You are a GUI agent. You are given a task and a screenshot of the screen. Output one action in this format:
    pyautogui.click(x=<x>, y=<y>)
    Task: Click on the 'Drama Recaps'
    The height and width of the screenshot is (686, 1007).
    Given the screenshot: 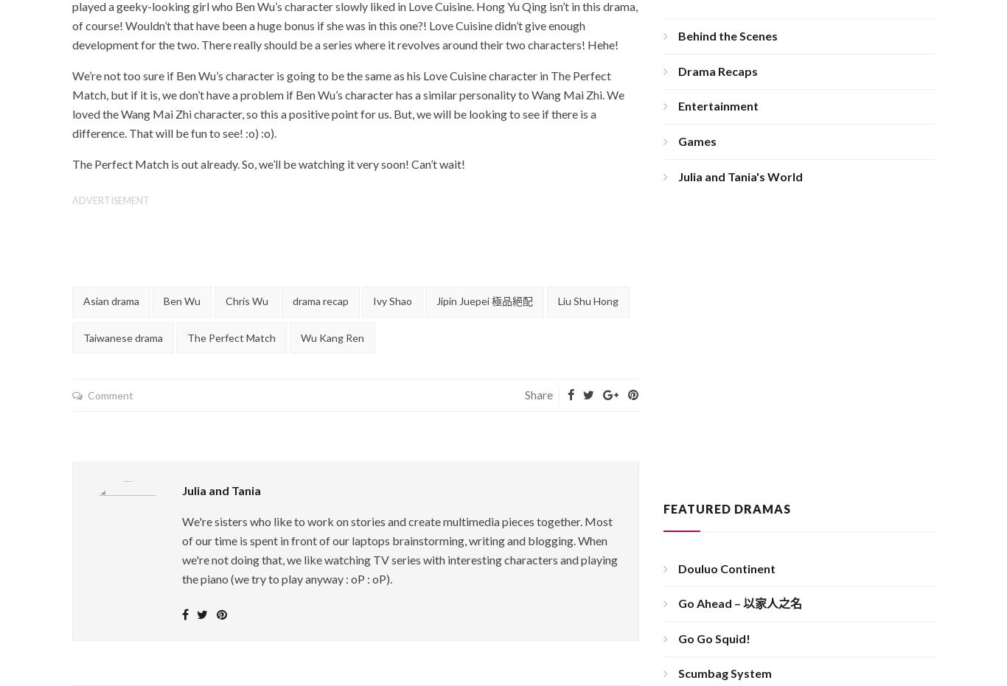 What is the action you would take?
    pyautogui.click(x=678, y=70)
    